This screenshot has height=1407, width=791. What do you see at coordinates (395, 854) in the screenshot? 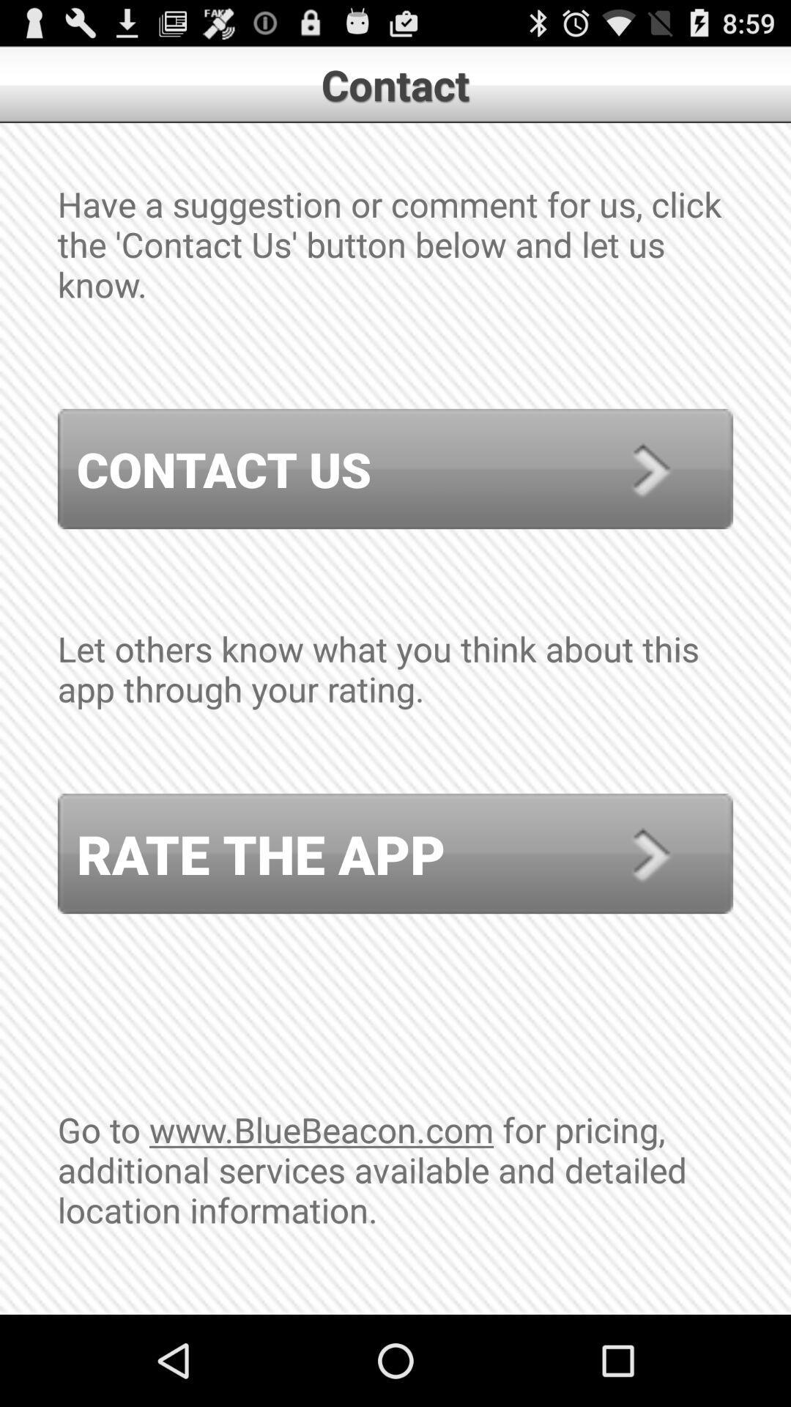
I see `the rate the app item` at bounding box center [395, 854].